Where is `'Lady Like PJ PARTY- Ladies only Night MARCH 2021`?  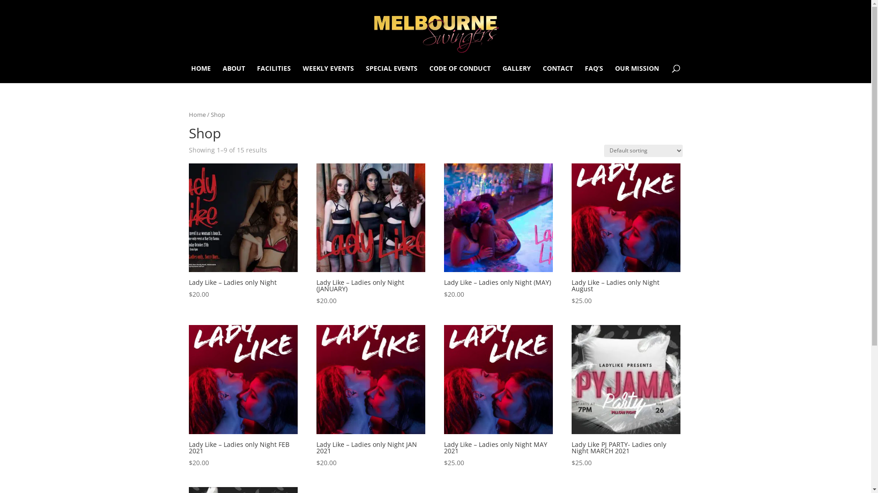
'Lady Like PJ PARTY- Ladies only Night MARCH 2021 is located at coordinates (625, 396).